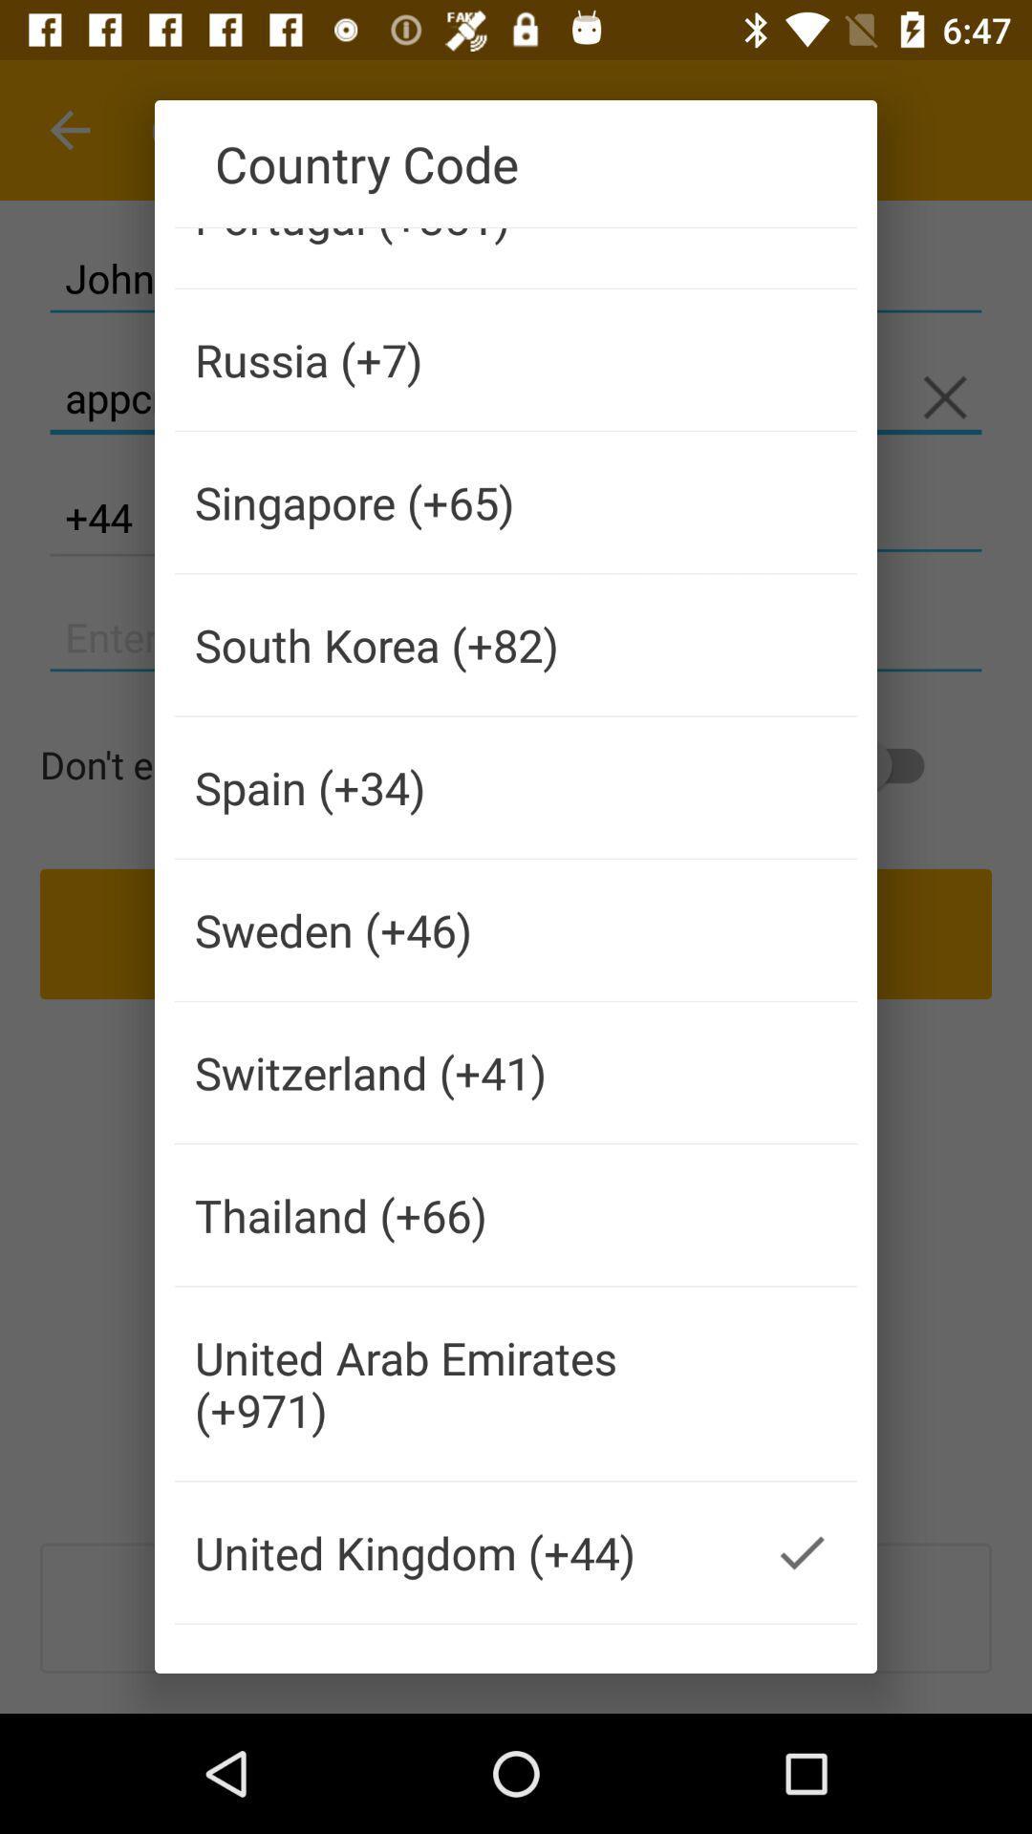  What do you see at coordinates (461, 1384) in the screenshot?
I see `the icon above united kingdom (+44)` at bounding box center [461, 1384].